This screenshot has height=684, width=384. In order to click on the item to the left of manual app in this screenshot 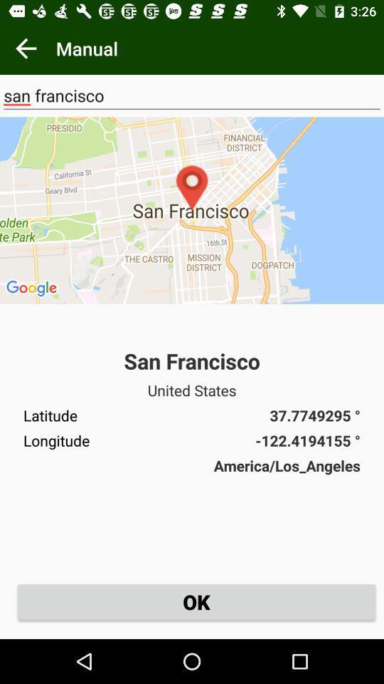, I will do `click(26, 48)`.